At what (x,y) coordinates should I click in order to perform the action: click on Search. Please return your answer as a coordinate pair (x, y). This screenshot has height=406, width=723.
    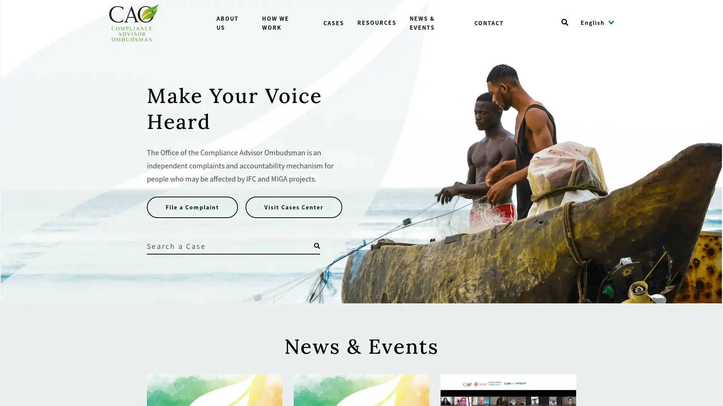
    Looking at the image, I should click on (561, 31).